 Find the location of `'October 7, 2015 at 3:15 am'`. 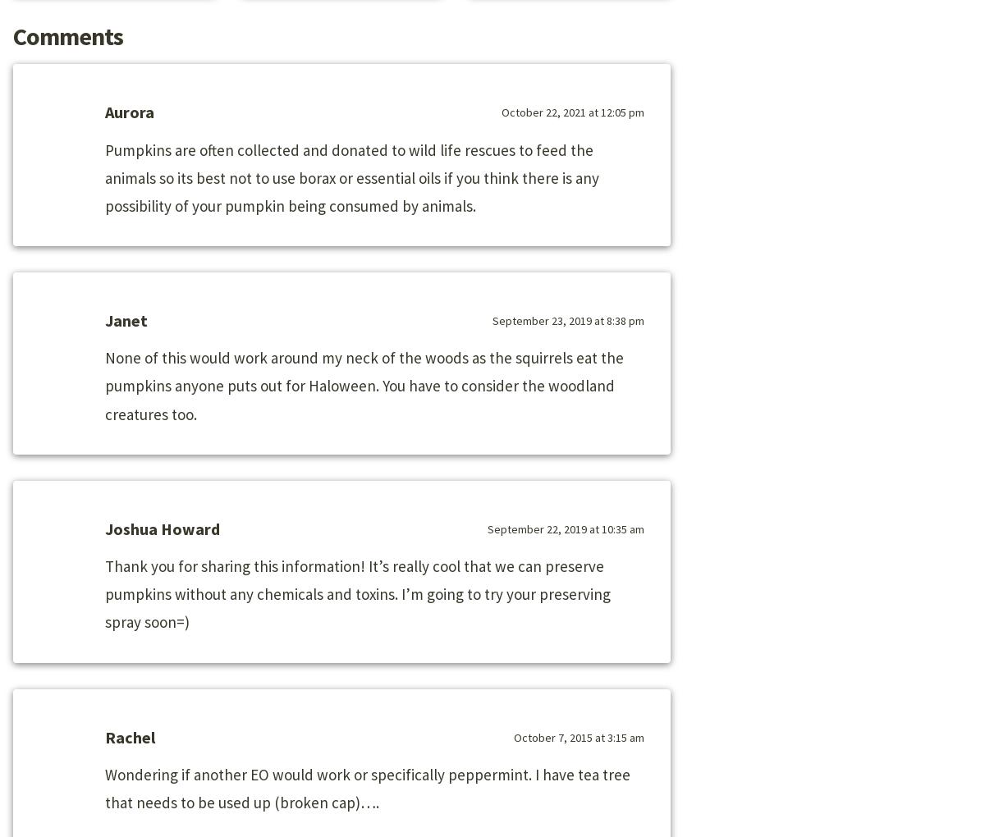

'October 7, 2015 at 3:15 am' is located at coordinates (579, 737).